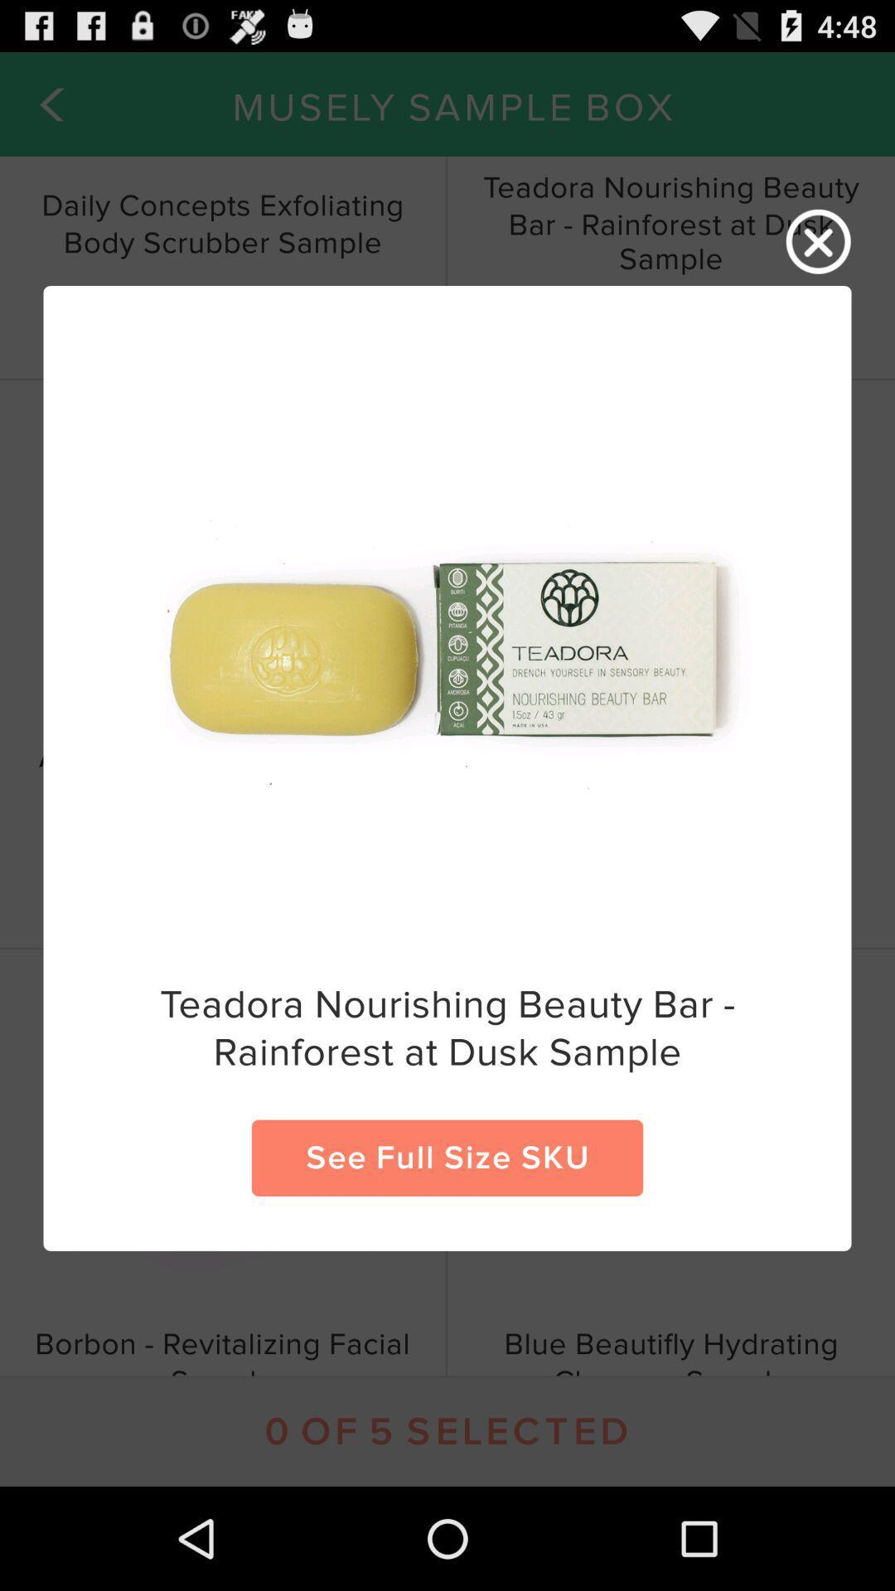 This screenshot has width=895, height=1591. What do you see at coordinates (447, 1157) in the screenshot?
I see `icon below the teadora nourishing beauty item` at bounding box center [447, 1157].